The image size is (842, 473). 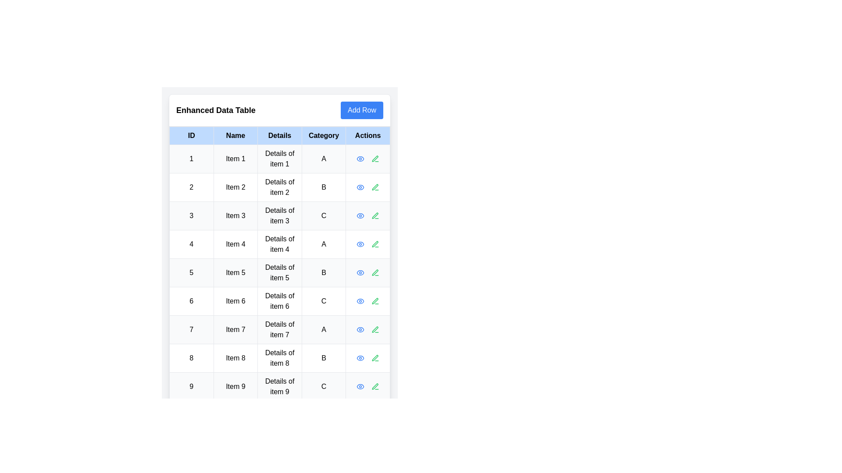 I want to click on the table cell containing the letter 'A' in the seventh row under the 'Category' column, which corresponds to 'Item 7.', so click(x=323, y=329).